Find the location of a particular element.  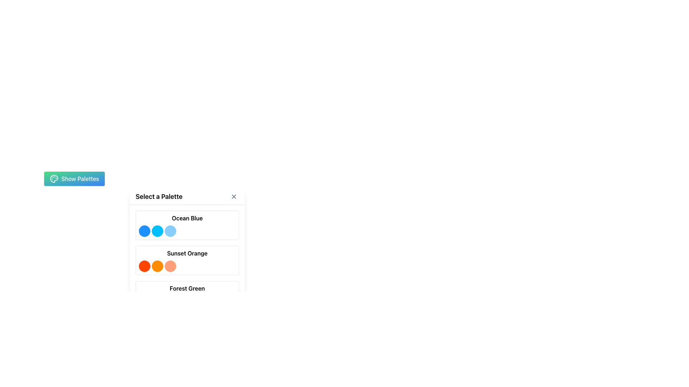

the small line segment of the 'X'-shaped close button icon located in the top right corner of the 'Select a Palette' popup is located at coordinates (234, 196).